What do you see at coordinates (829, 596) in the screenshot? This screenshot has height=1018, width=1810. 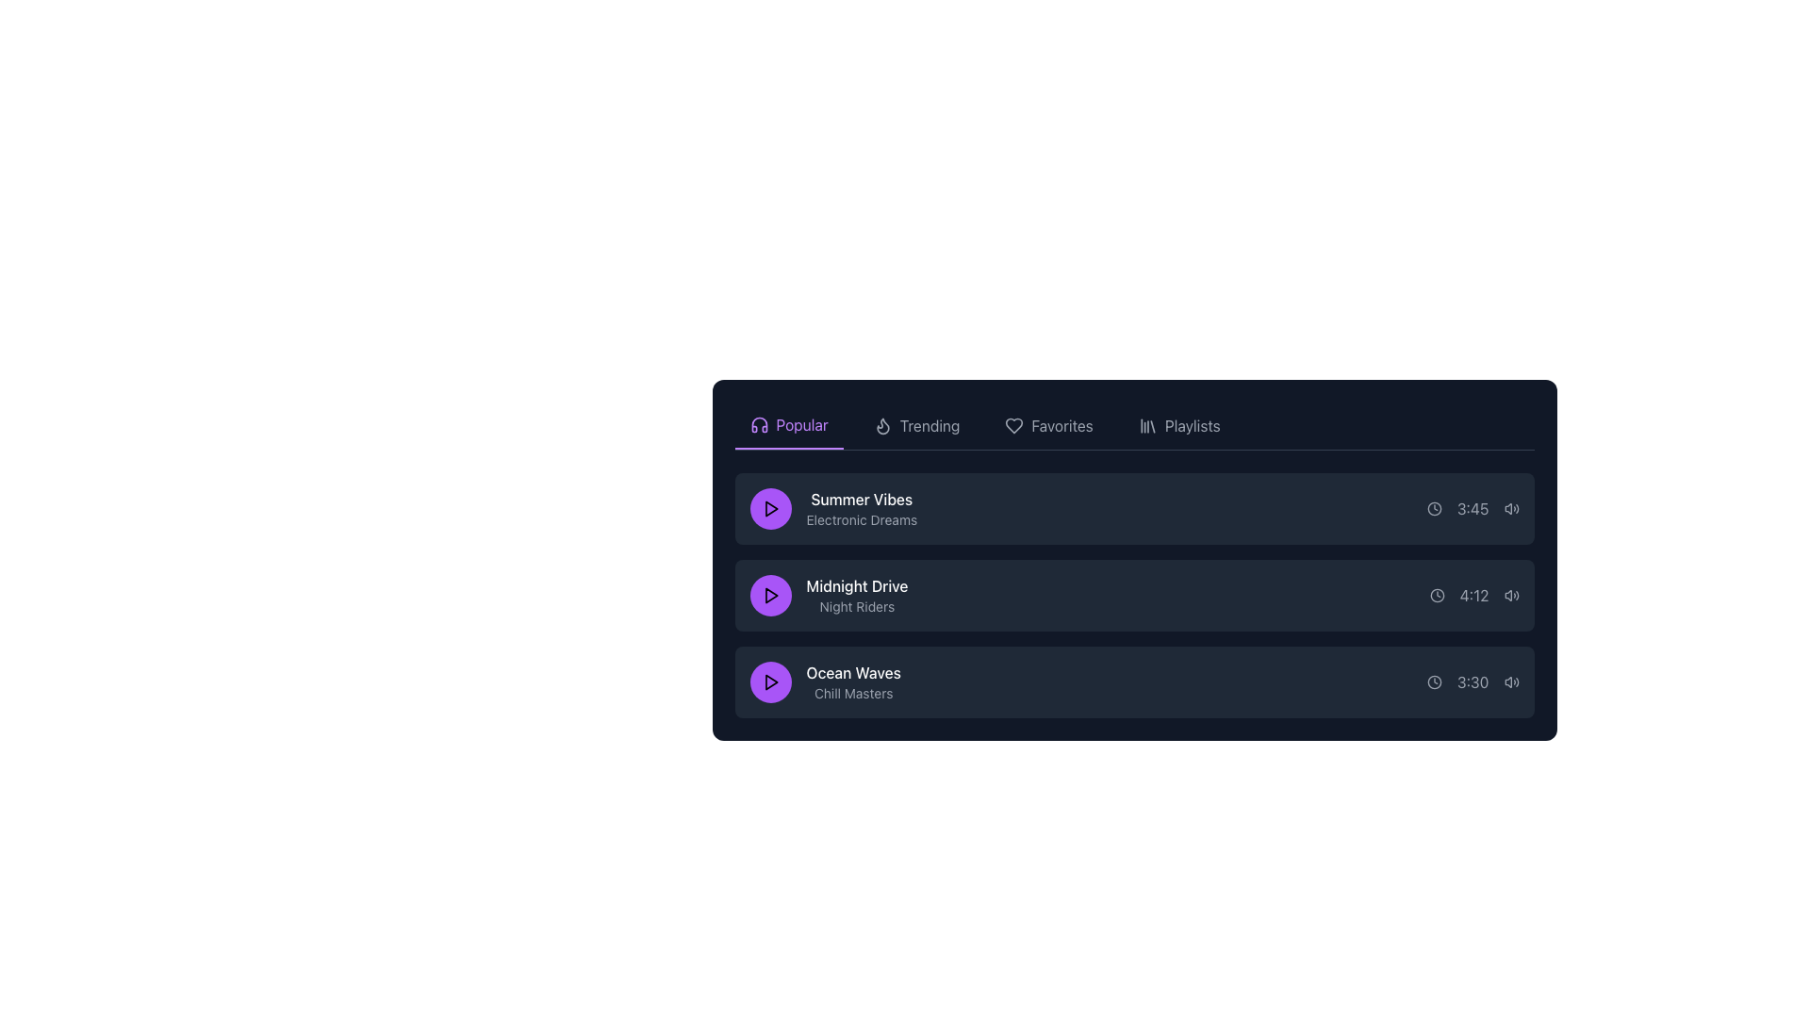 I see `the list item titled 'Midnight Drive' with a play button to interact with the media` at bounding box center [829, 596].